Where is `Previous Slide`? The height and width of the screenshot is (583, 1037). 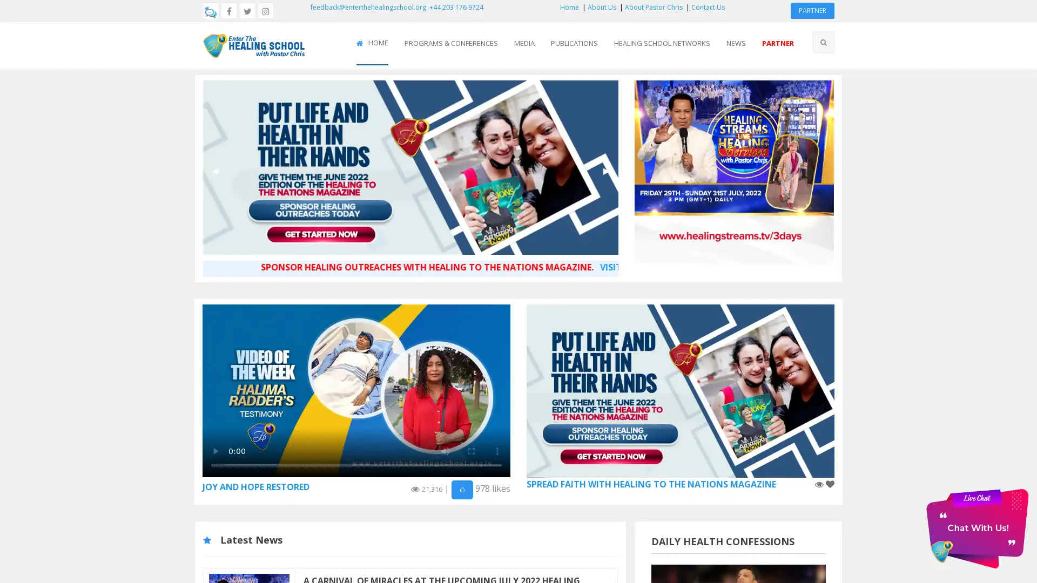
Previous Slide is located at coordinates (215, 170).